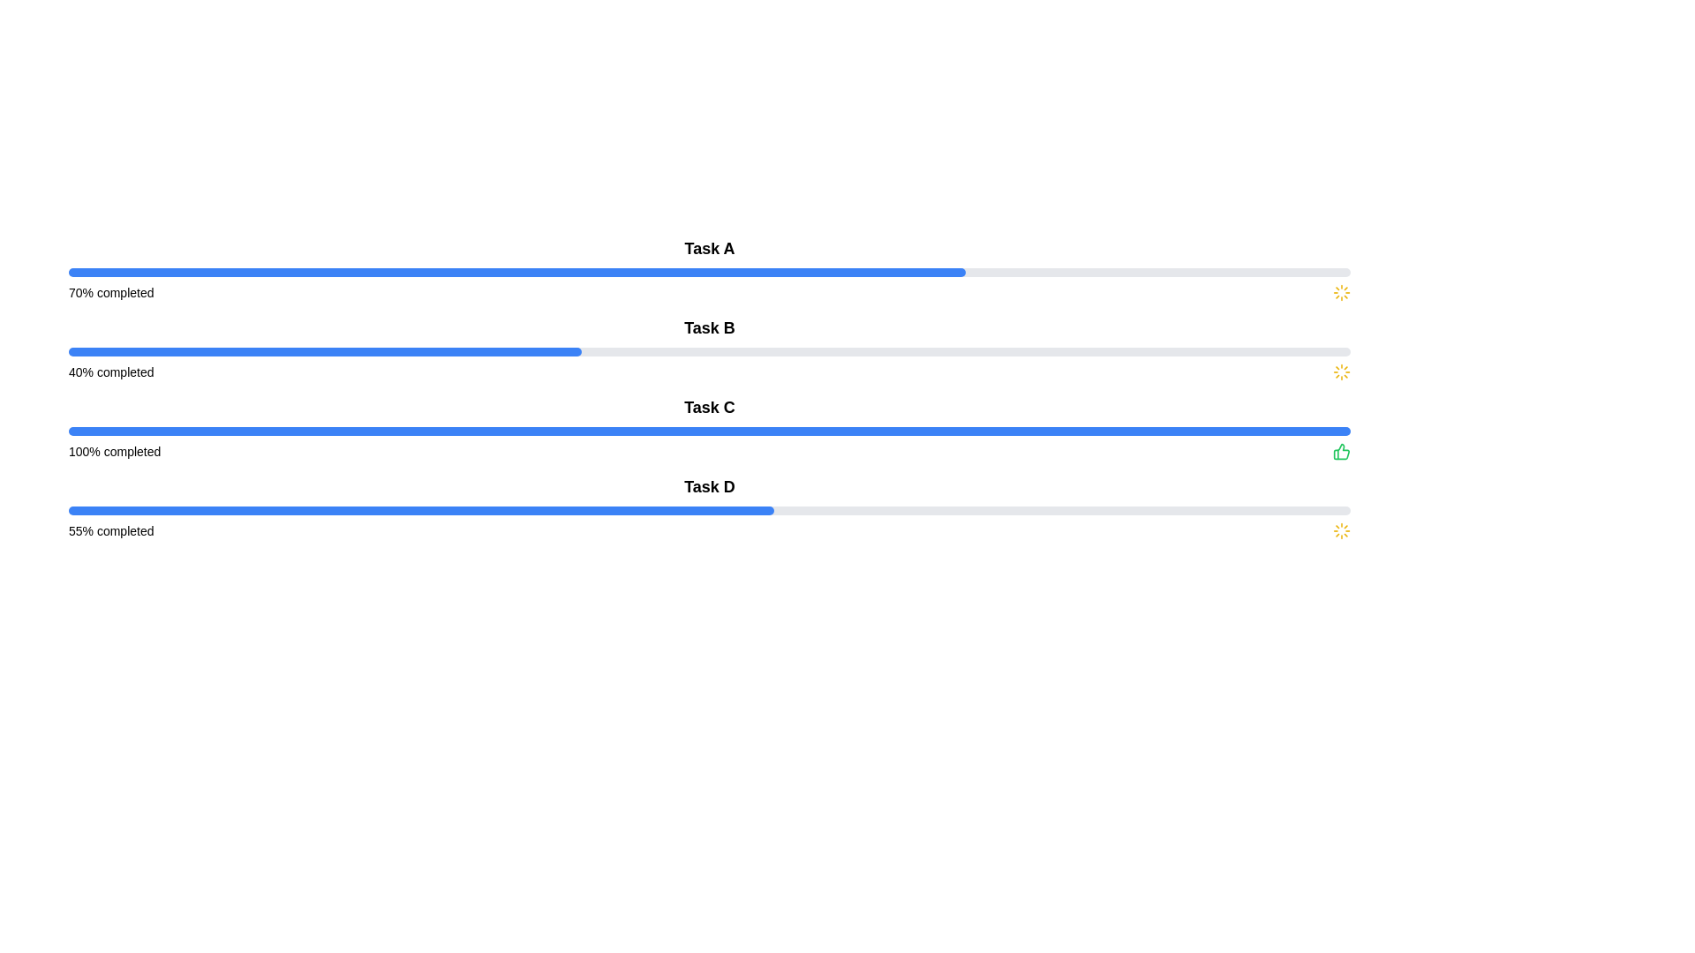  I want to click on the text label displaying '40% completed' which is part of the 'Task B' entry, located under the progress bar, so click(110, 371).